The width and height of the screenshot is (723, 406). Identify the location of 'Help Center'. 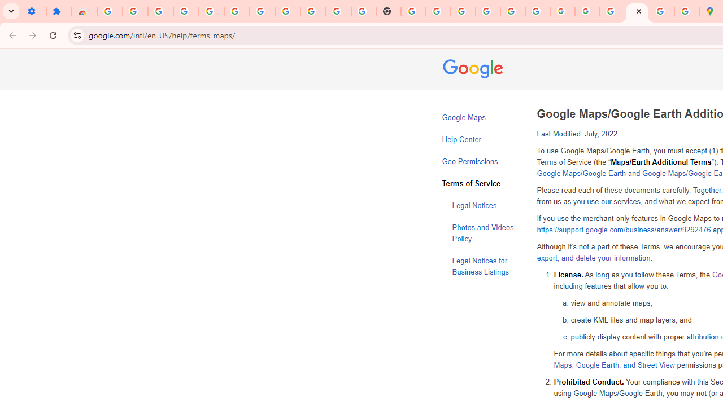
(481, 139).